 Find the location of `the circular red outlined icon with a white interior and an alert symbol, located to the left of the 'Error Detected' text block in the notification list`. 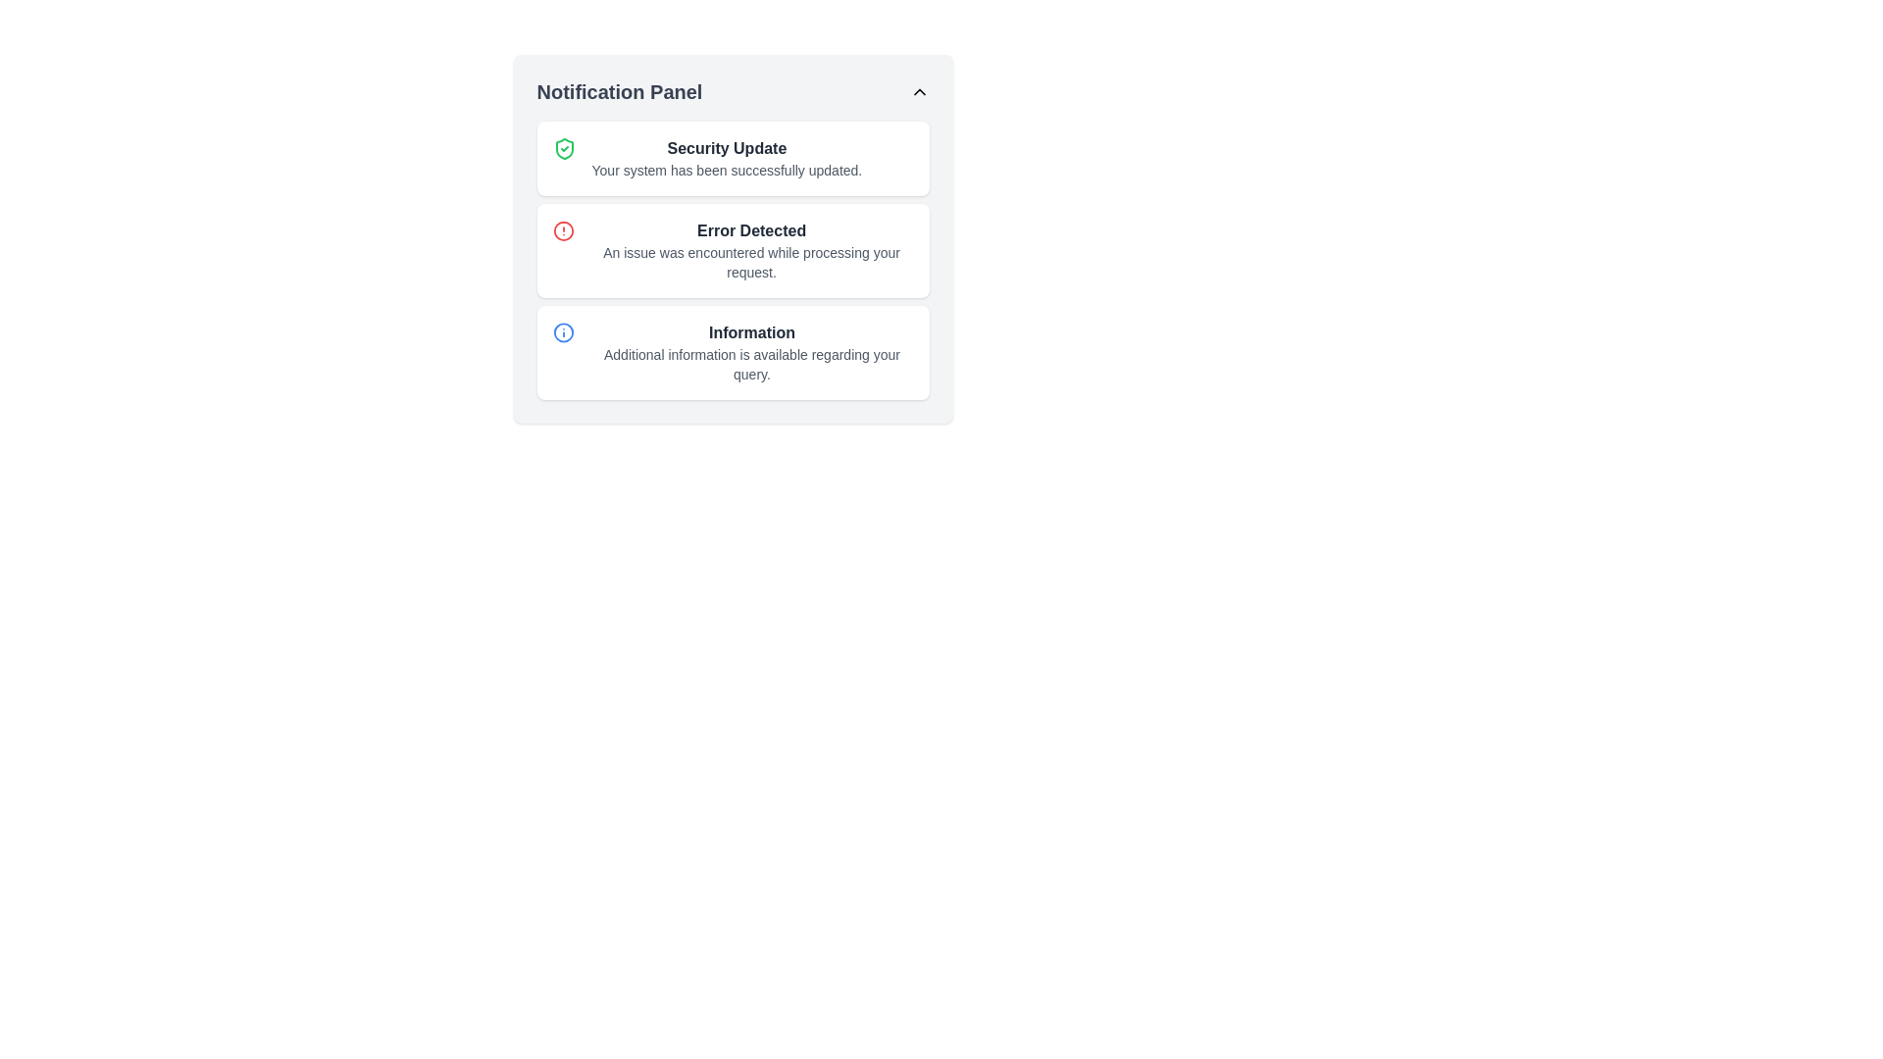

the circular red outlined icon with a white interior and an alert symbol, located to the left of the 'Error Detected' text block in the notification list is located at coordinates (562, 229).